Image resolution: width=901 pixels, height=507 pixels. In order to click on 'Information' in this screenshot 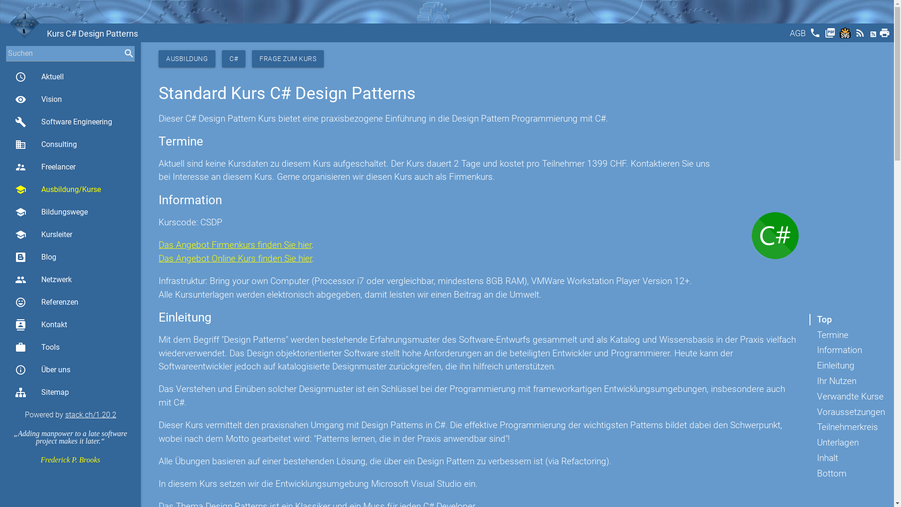, I will do `click(835, 350)`.